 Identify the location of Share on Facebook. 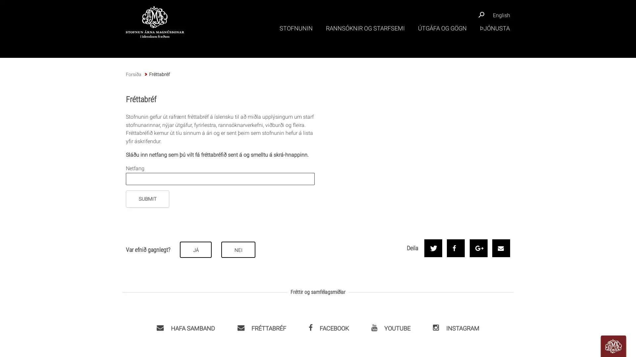
(455, 248).